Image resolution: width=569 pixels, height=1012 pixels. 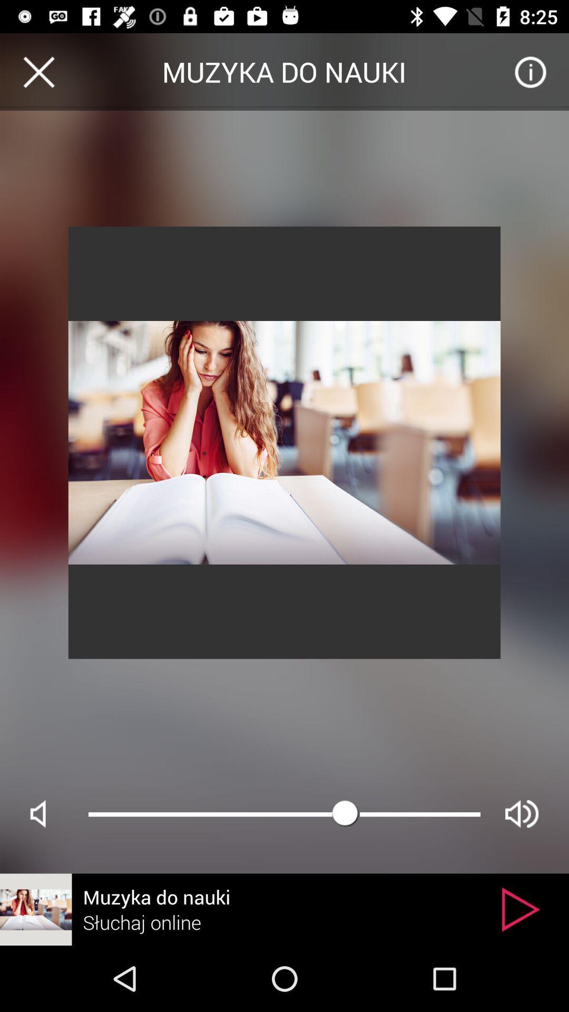 What do you see at coordinates (46, 813) in the screenshot?
I see `the volume icon` at bounding box center [46, 813].